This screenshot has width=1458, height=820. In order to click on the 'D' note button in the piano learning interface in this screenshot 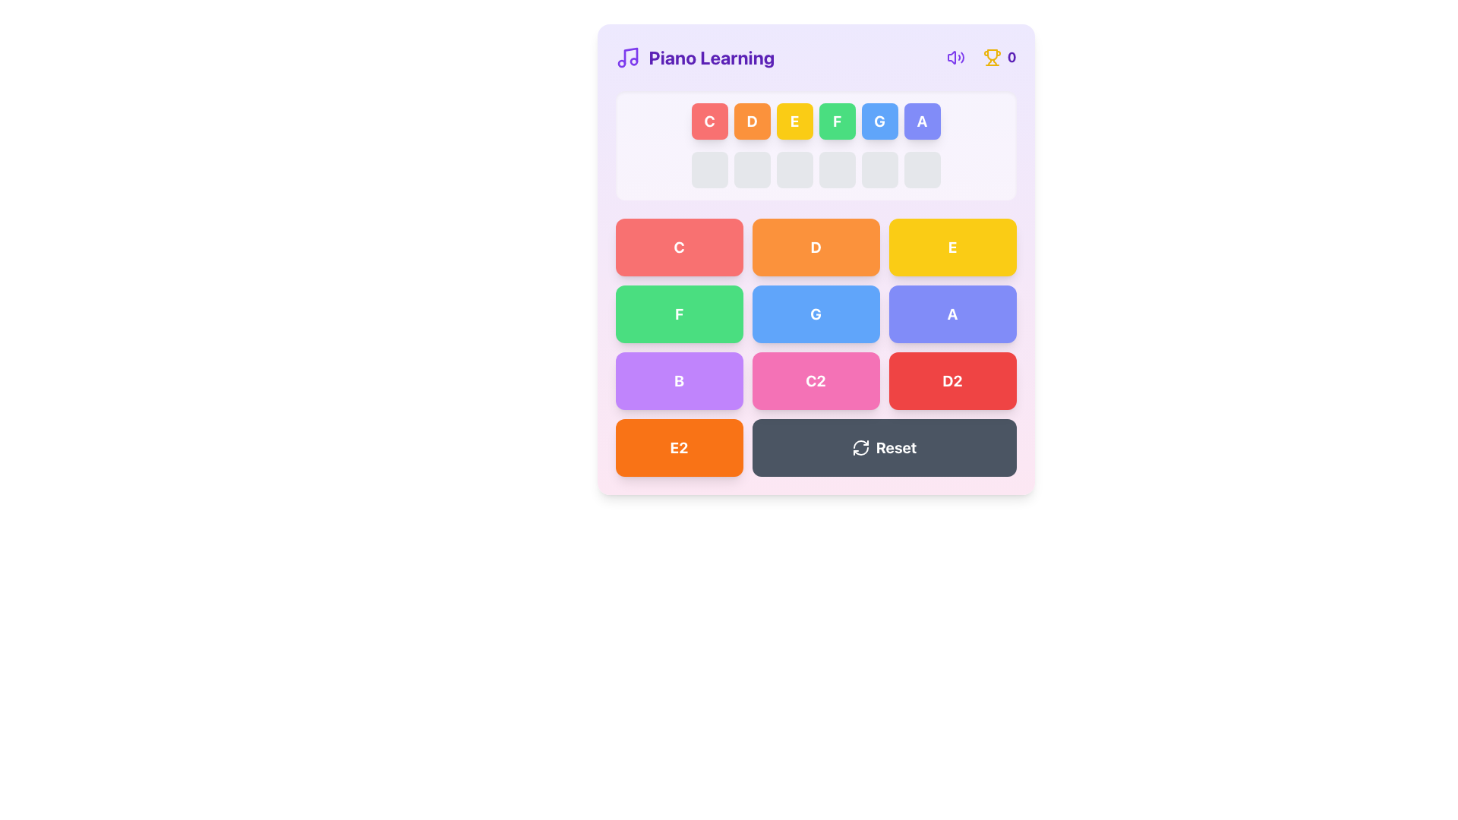, I will do `click(815, 247)`.